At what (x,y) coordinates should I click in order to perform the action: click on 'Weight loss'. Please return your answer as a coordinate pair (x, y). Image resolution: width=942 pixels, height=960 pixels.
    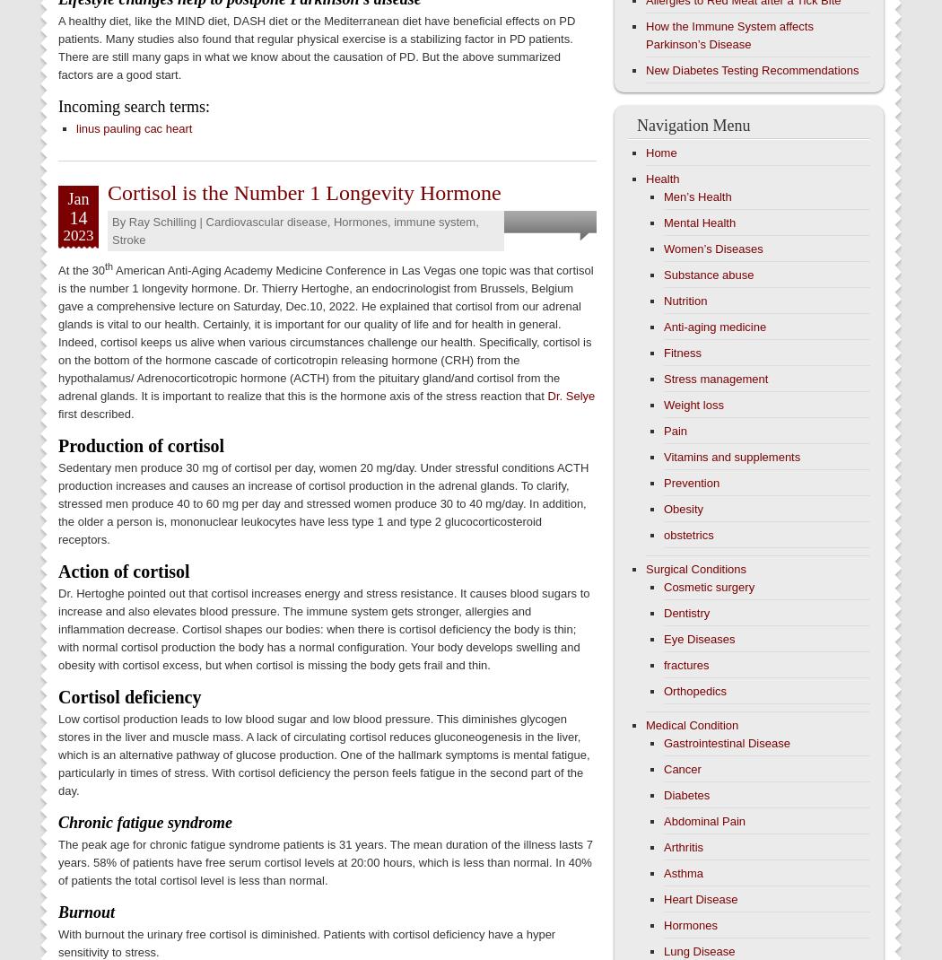
    Looking at the image, I should click on (693, 405).